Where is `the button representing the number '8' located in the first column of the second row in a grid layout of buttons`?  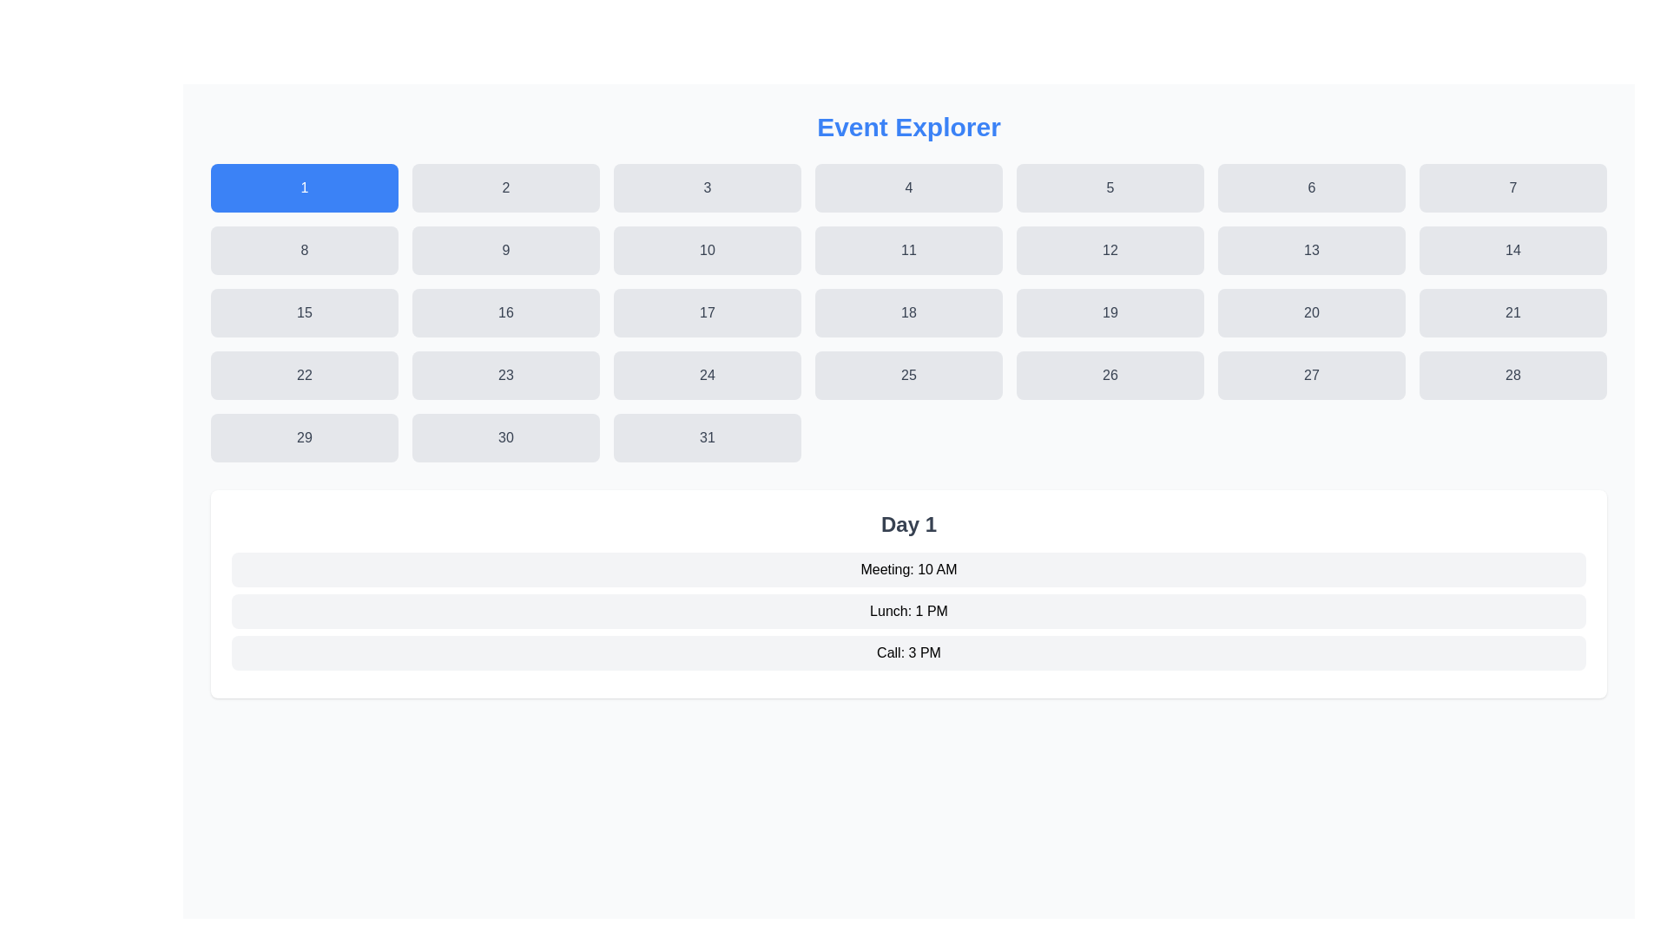
the button representing the number '8' located in the first column of the second row in a grid layout of buttons is located at coordinates (304, 251).